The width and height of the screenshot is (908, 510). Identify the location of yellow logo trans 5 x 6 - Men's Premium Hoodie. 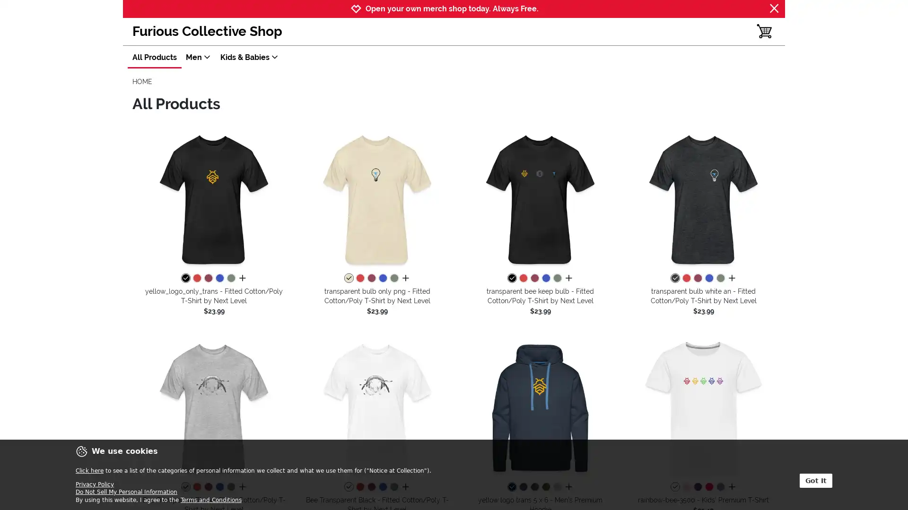
(540, 407).